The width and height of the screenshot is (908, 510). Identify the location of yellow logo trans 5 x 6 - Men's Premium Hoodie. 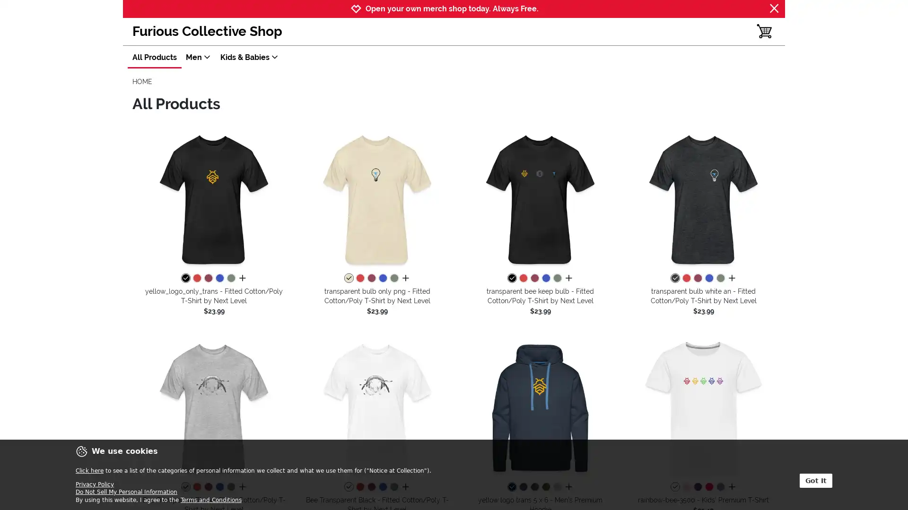
(540, 407).